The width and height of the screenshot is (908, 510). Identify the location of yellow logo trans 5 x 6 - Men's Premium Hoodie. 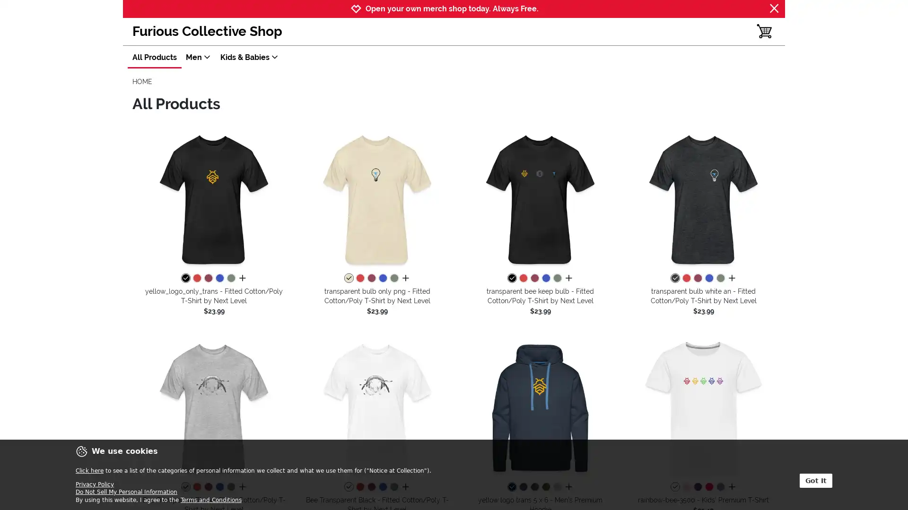
(540, 407).